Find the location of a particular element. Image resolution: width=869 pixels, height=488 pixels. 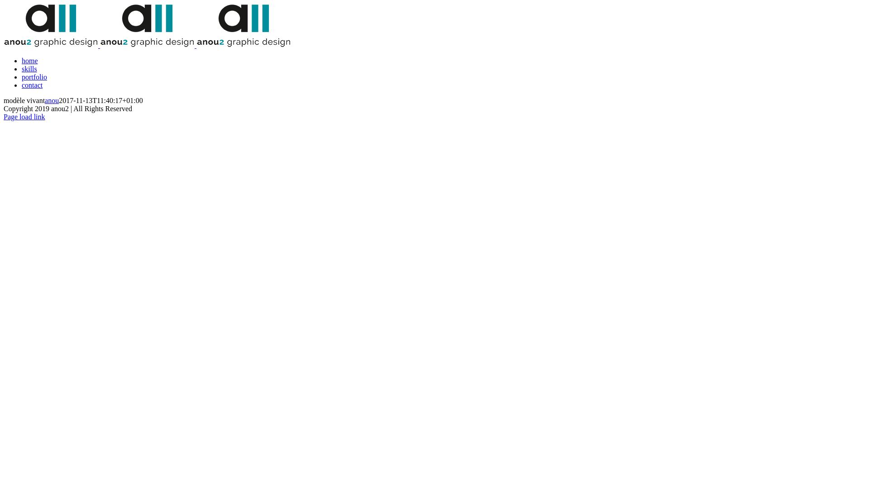

'contact' is located at coordinates (22, 85).